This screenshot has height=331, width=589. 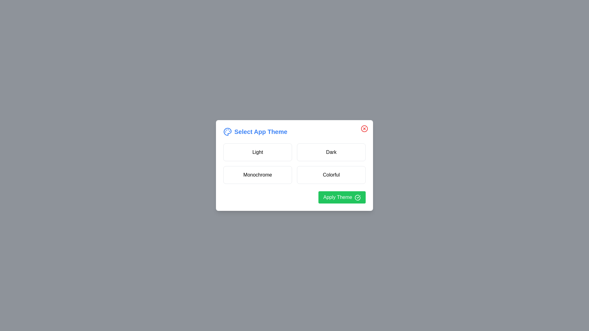 What do you see at coordinates (258, 152) in the screenshot?
I see `the theme Light by clicking on its corresponding button` at bounding box center [258, 152].